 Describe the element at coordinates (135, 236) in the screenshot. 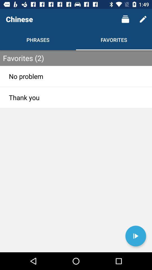

I see `the item at the bottom right corner` at that location.